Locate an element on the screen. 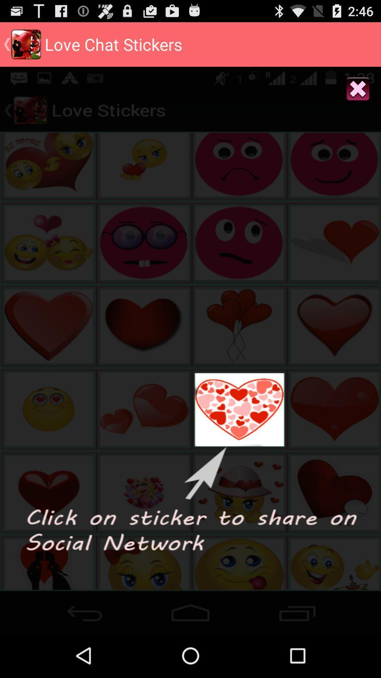  the close icon is located at coordinates (358, 95).